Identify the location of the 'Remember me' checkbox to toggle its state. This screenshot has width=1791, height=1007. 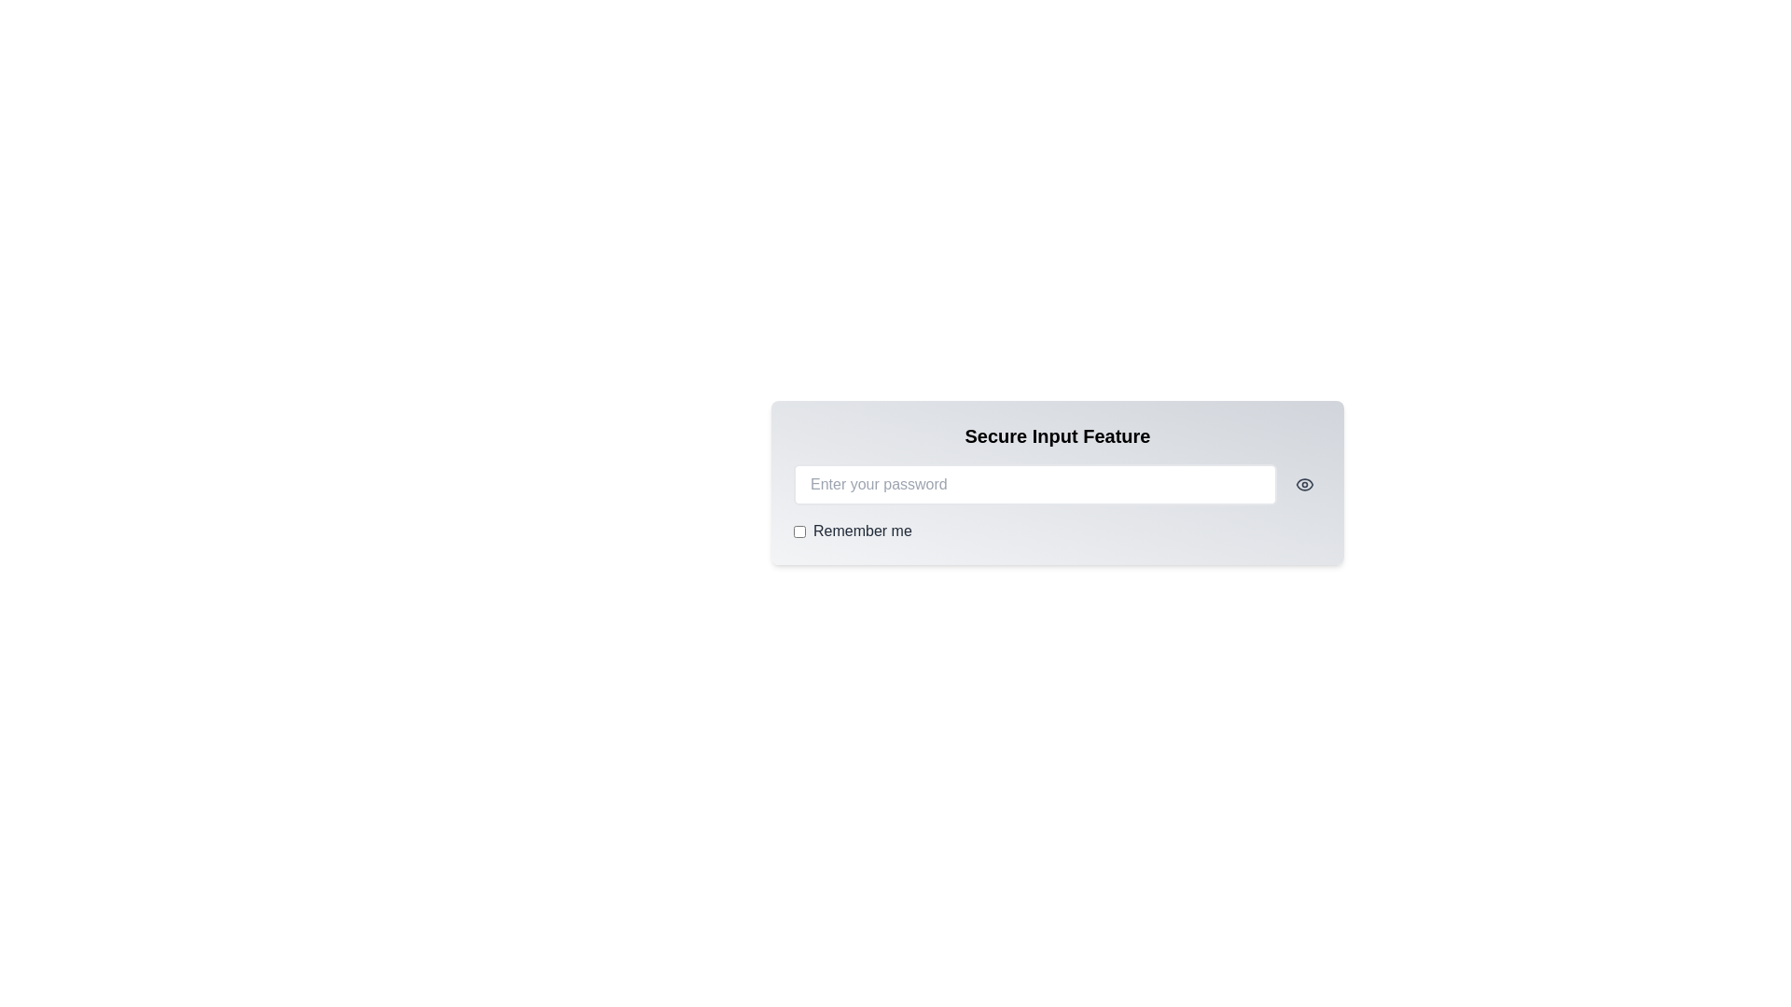
(799, 531).